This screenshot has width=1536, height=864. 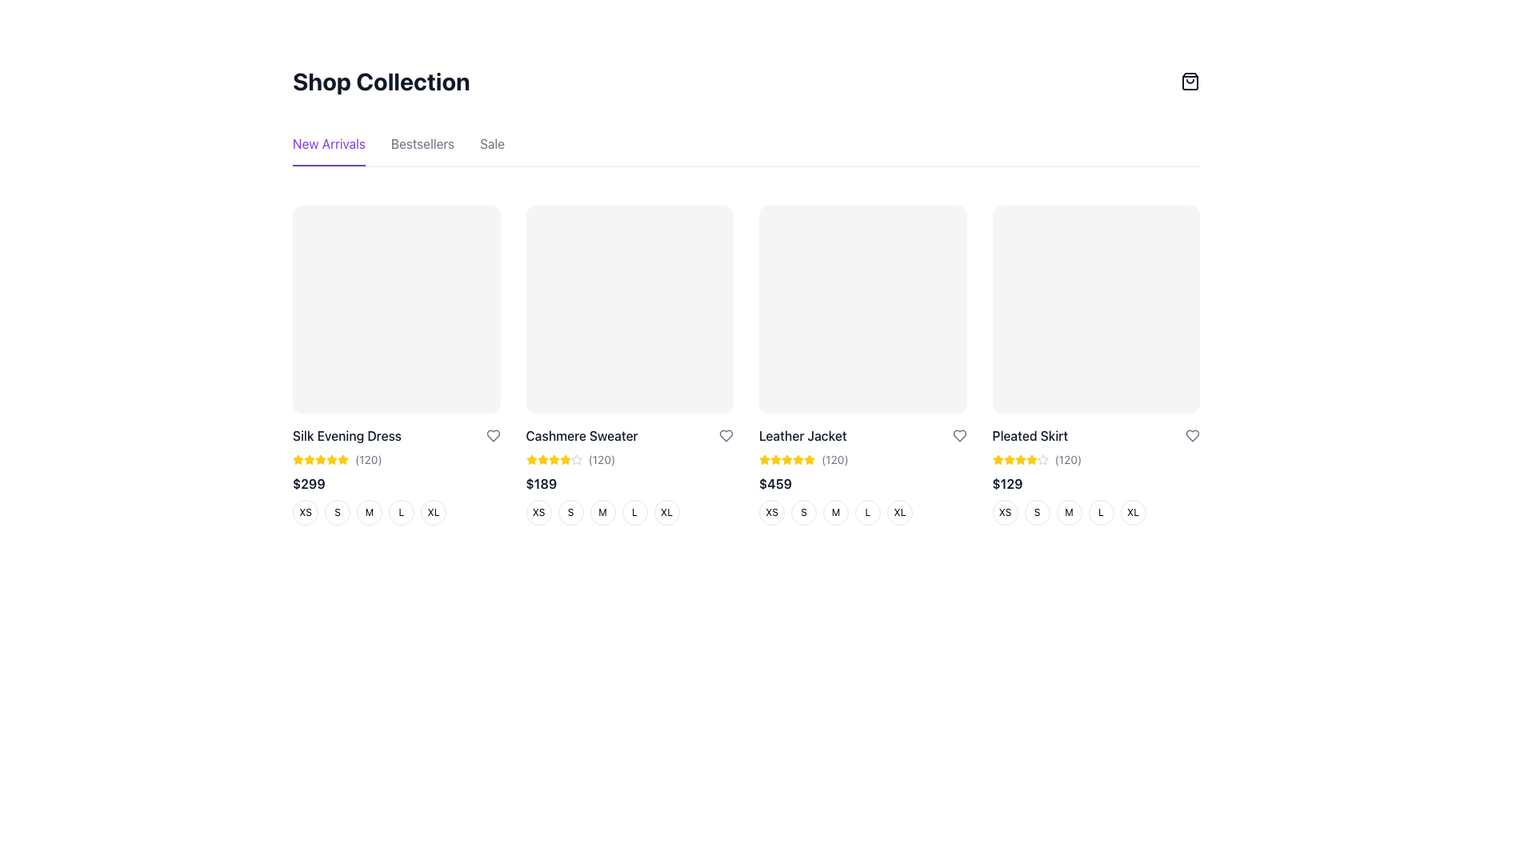 I want to click on the second tab in the Tab group below the 'Shop Collection' title, so click(x=745, y=150).